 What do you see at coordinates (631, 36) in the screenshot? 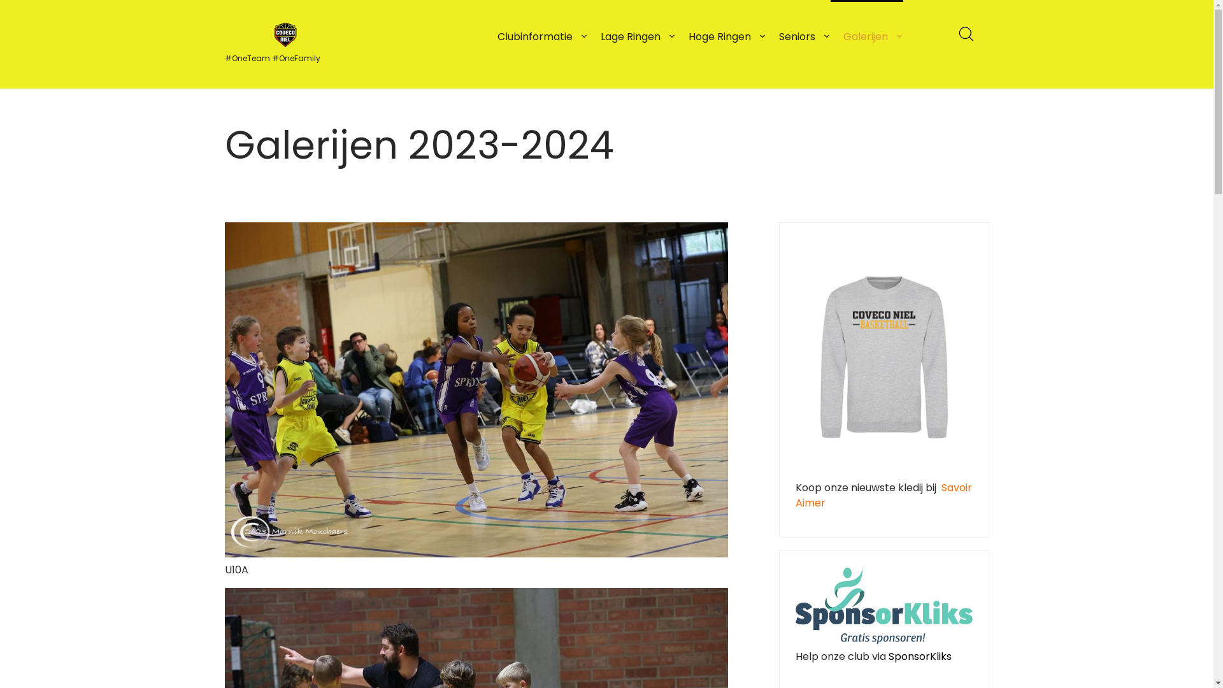
I see `'Lage Ringen'` at bounding box center [631, 36].